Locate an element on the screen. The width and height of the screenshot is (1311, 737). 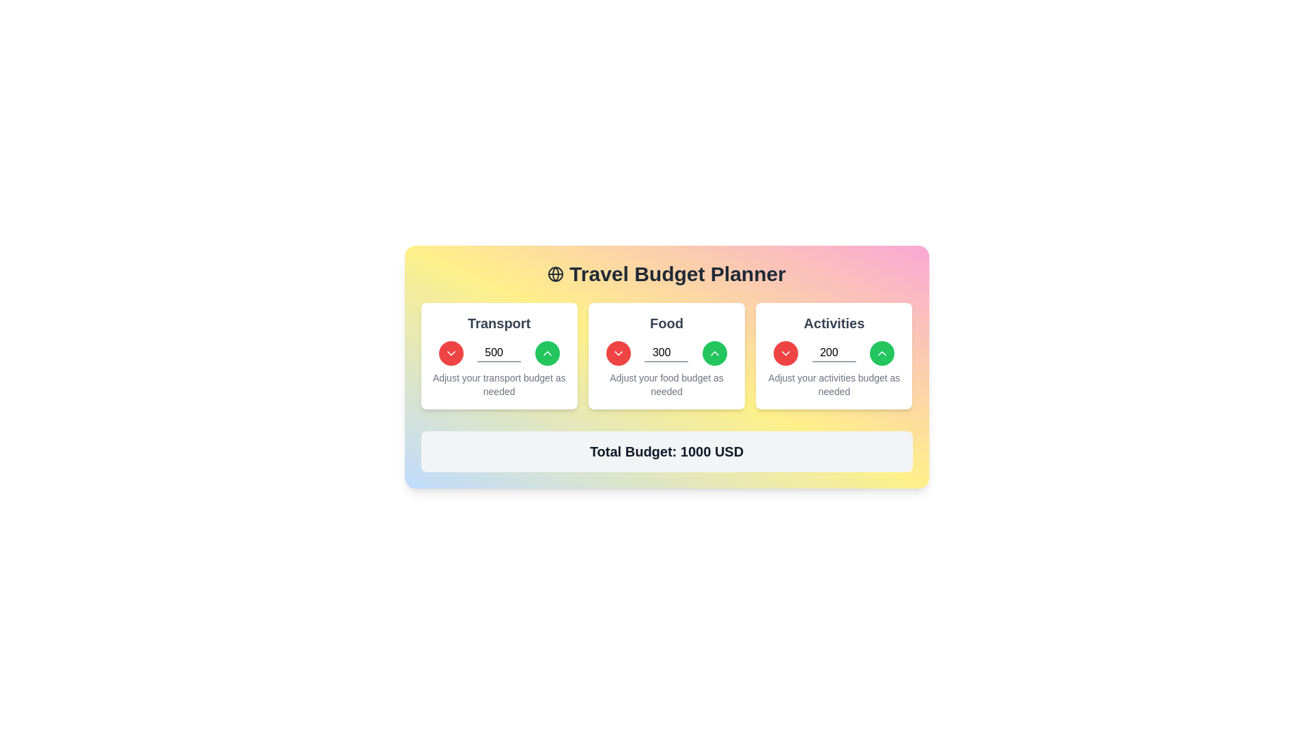
the numeric text input element for the 'Food' budget category, which is located between the red decrement button and the green increment button is located at coordinates (666, 352).